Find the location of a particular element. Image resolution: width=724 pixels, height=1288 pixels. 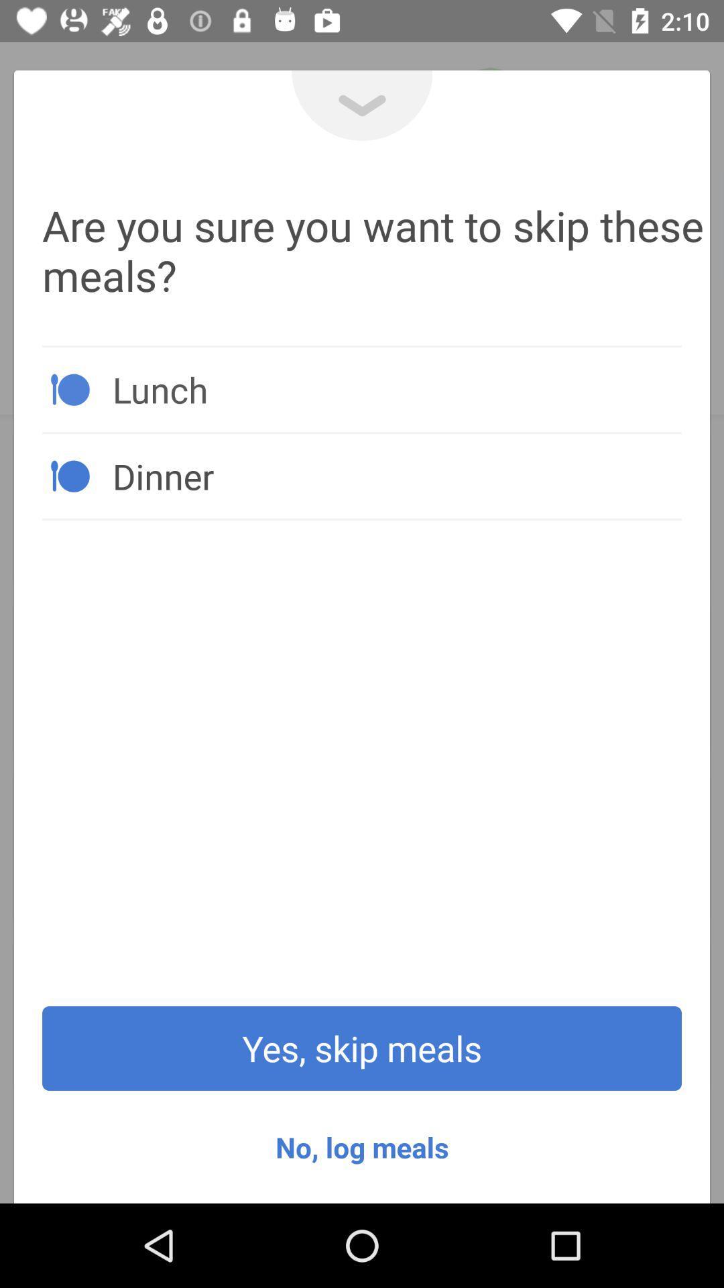

lunch icon is located at coordinates (396, 388).